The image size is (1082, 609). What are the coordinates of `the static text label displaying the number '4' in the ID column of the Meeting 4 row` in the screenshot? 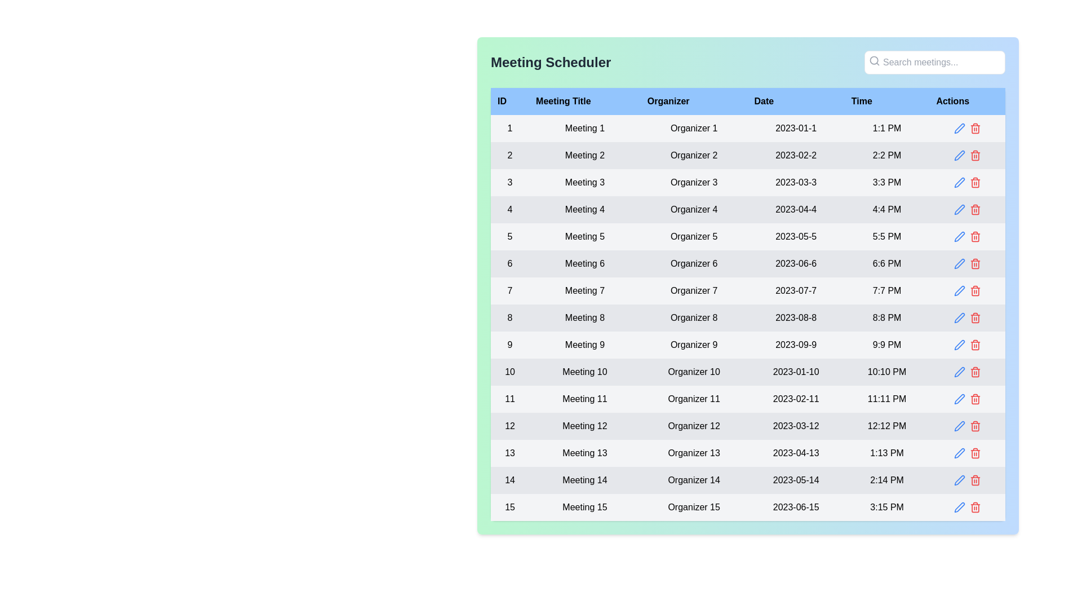 It's located at (509, 209).